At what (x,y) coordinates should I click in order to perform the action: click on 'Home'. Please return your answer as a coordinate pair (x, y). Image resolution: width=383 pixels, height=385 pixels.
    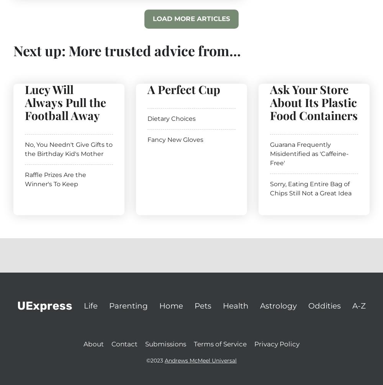
    Looking at the image, I should click on (171, 305).